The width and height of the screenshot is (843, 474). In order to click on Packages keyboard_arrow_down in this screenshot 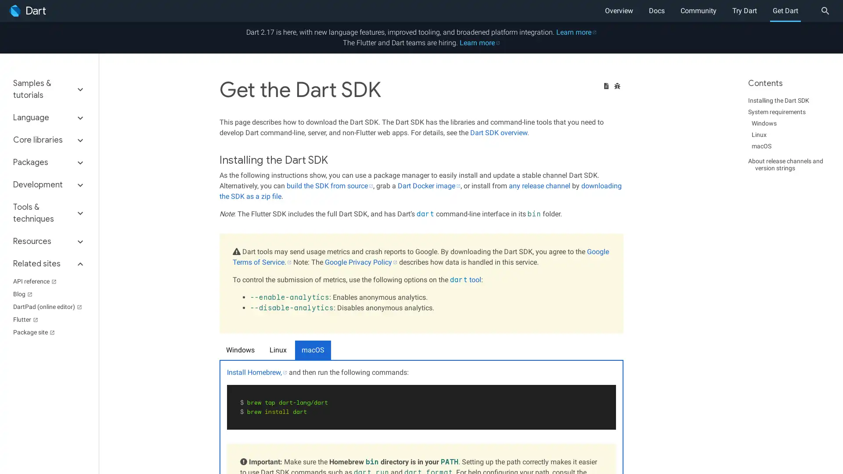, I will do `click(49, 162)`.